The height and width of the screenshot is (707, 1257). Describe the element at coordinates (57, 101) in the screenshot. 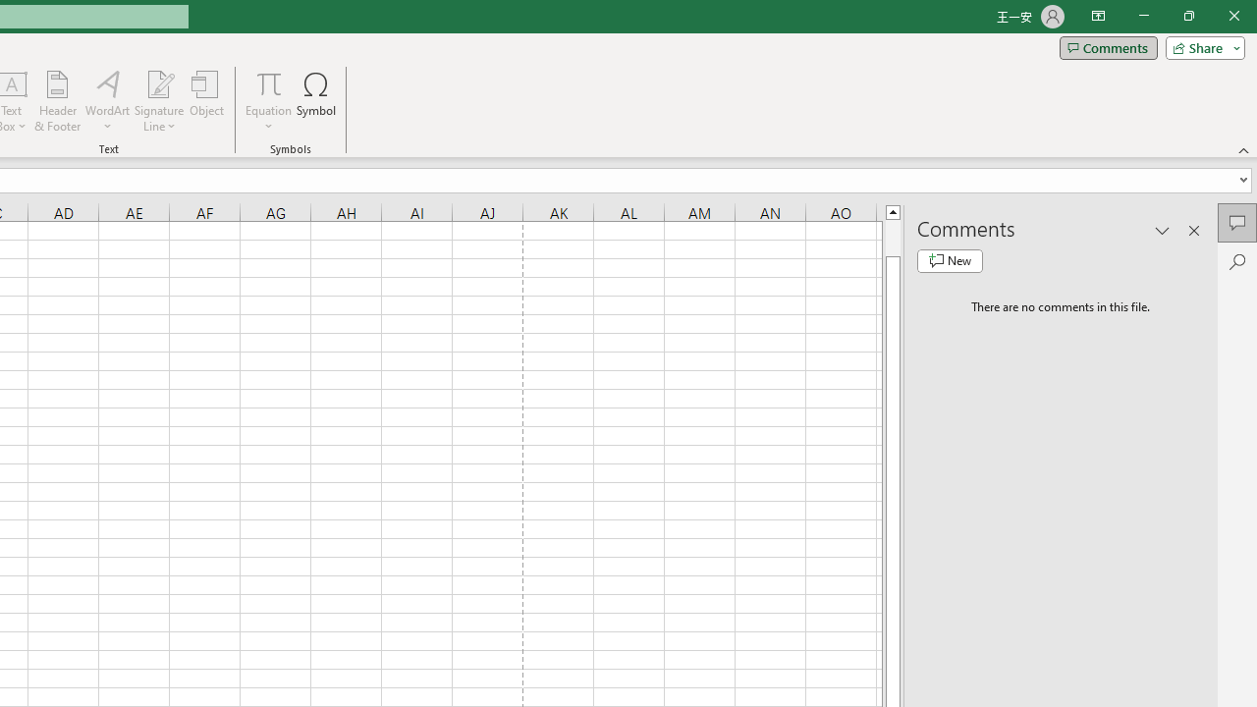

I see `'Header & Footer...'` at that location.